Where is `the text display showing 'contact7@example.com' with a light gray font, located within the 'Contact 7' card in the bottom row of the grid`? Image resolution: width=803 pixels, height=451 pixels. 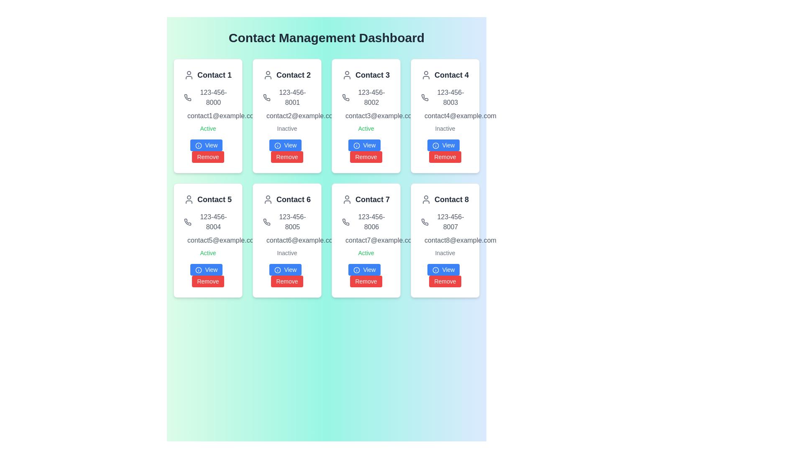
the text display showing 'contact7@example.com' with a light gray font, located within the 'Contact 7' card in the bottom row of the grid is located at coordinates (366, 240).